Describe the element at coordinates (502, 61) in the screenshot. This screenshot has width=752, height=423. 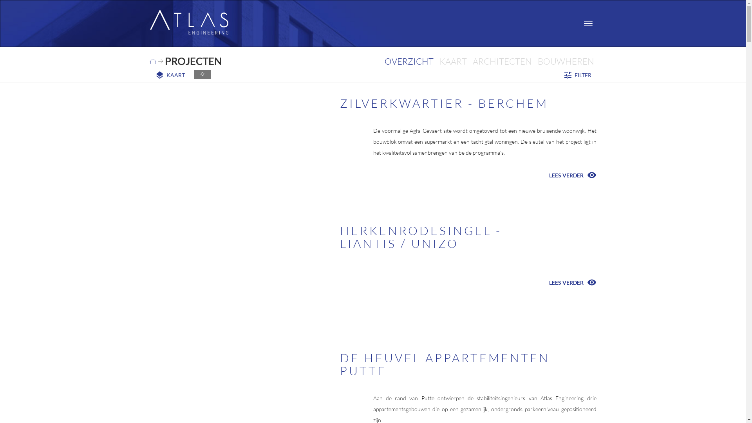
I see `'ARCHITECTEN'` at that location.